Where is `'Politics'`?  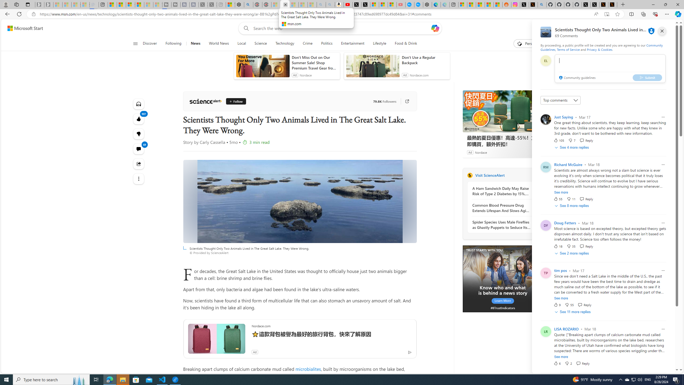
'Politics' is located at coordinates (327, 43).